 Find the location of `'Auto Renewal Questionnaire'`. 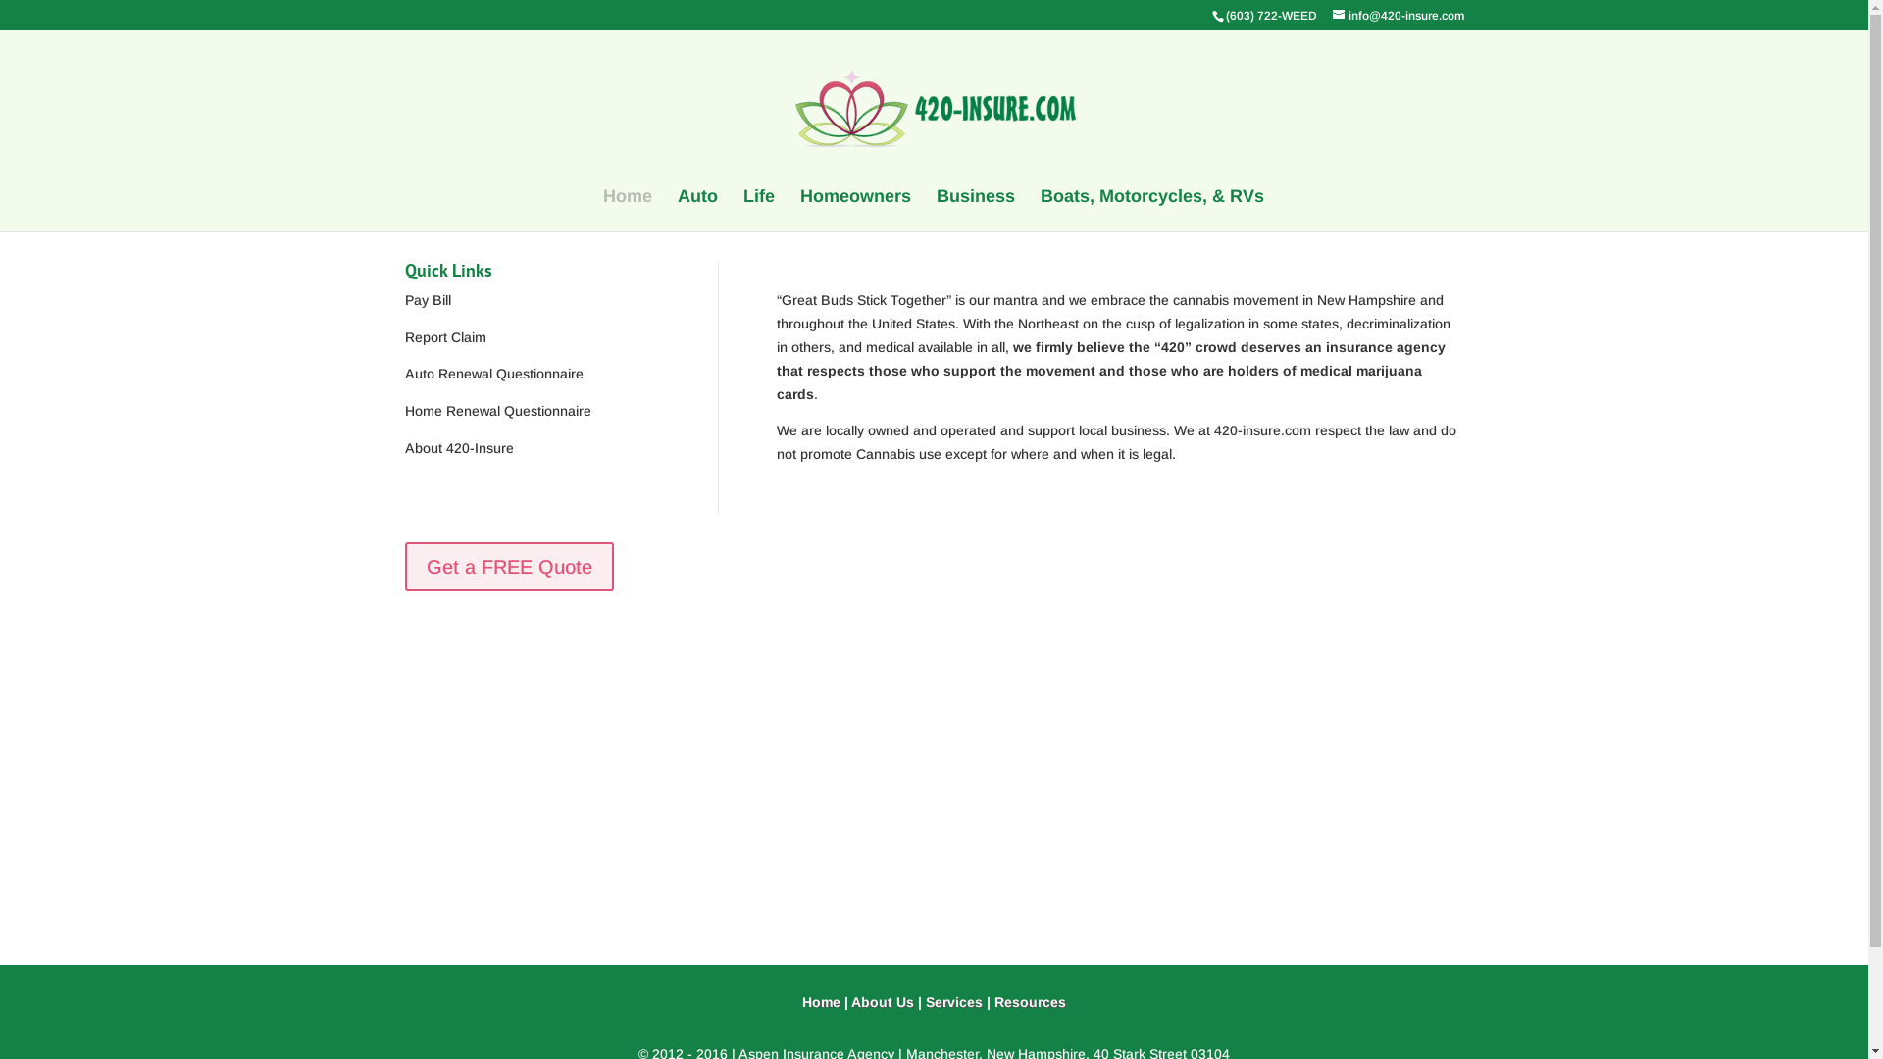

'Auto Renewal Questionnaire' is located at coordinates (493, 374).